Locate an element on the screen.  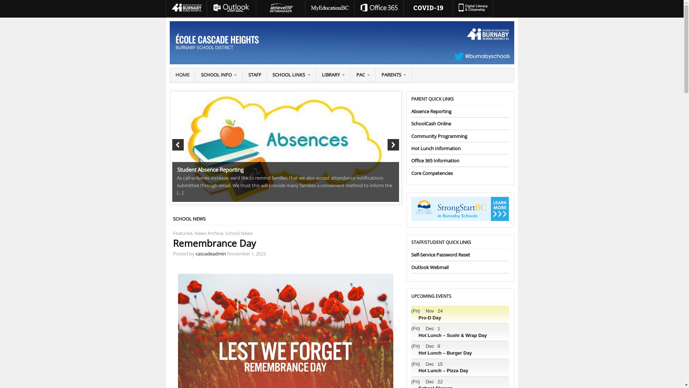
'HOME' is located at coordinates (182, 75).